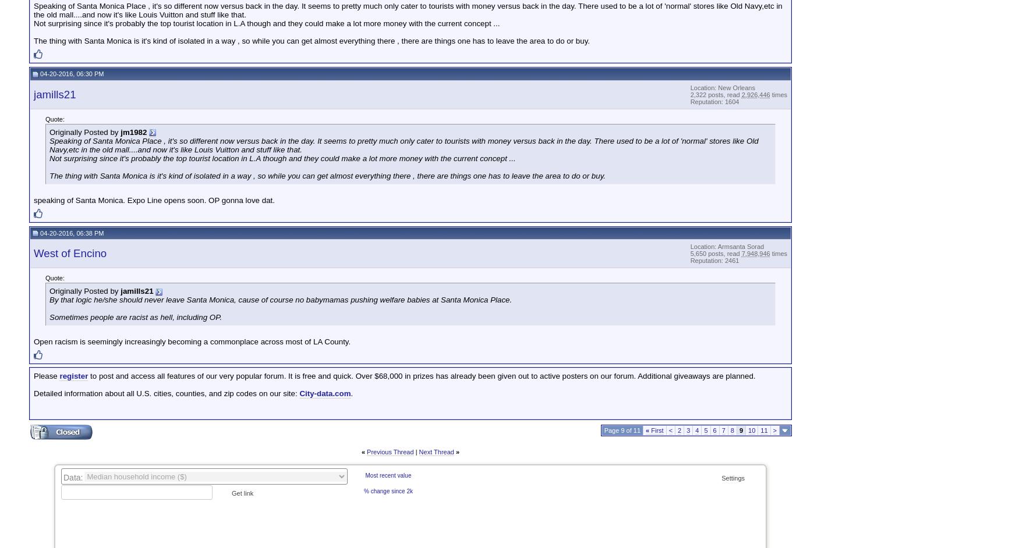  What do you see at coordinates (755, 94) in the screenshot?
I see `'2,926,446'` at bounding box center [755, 94].